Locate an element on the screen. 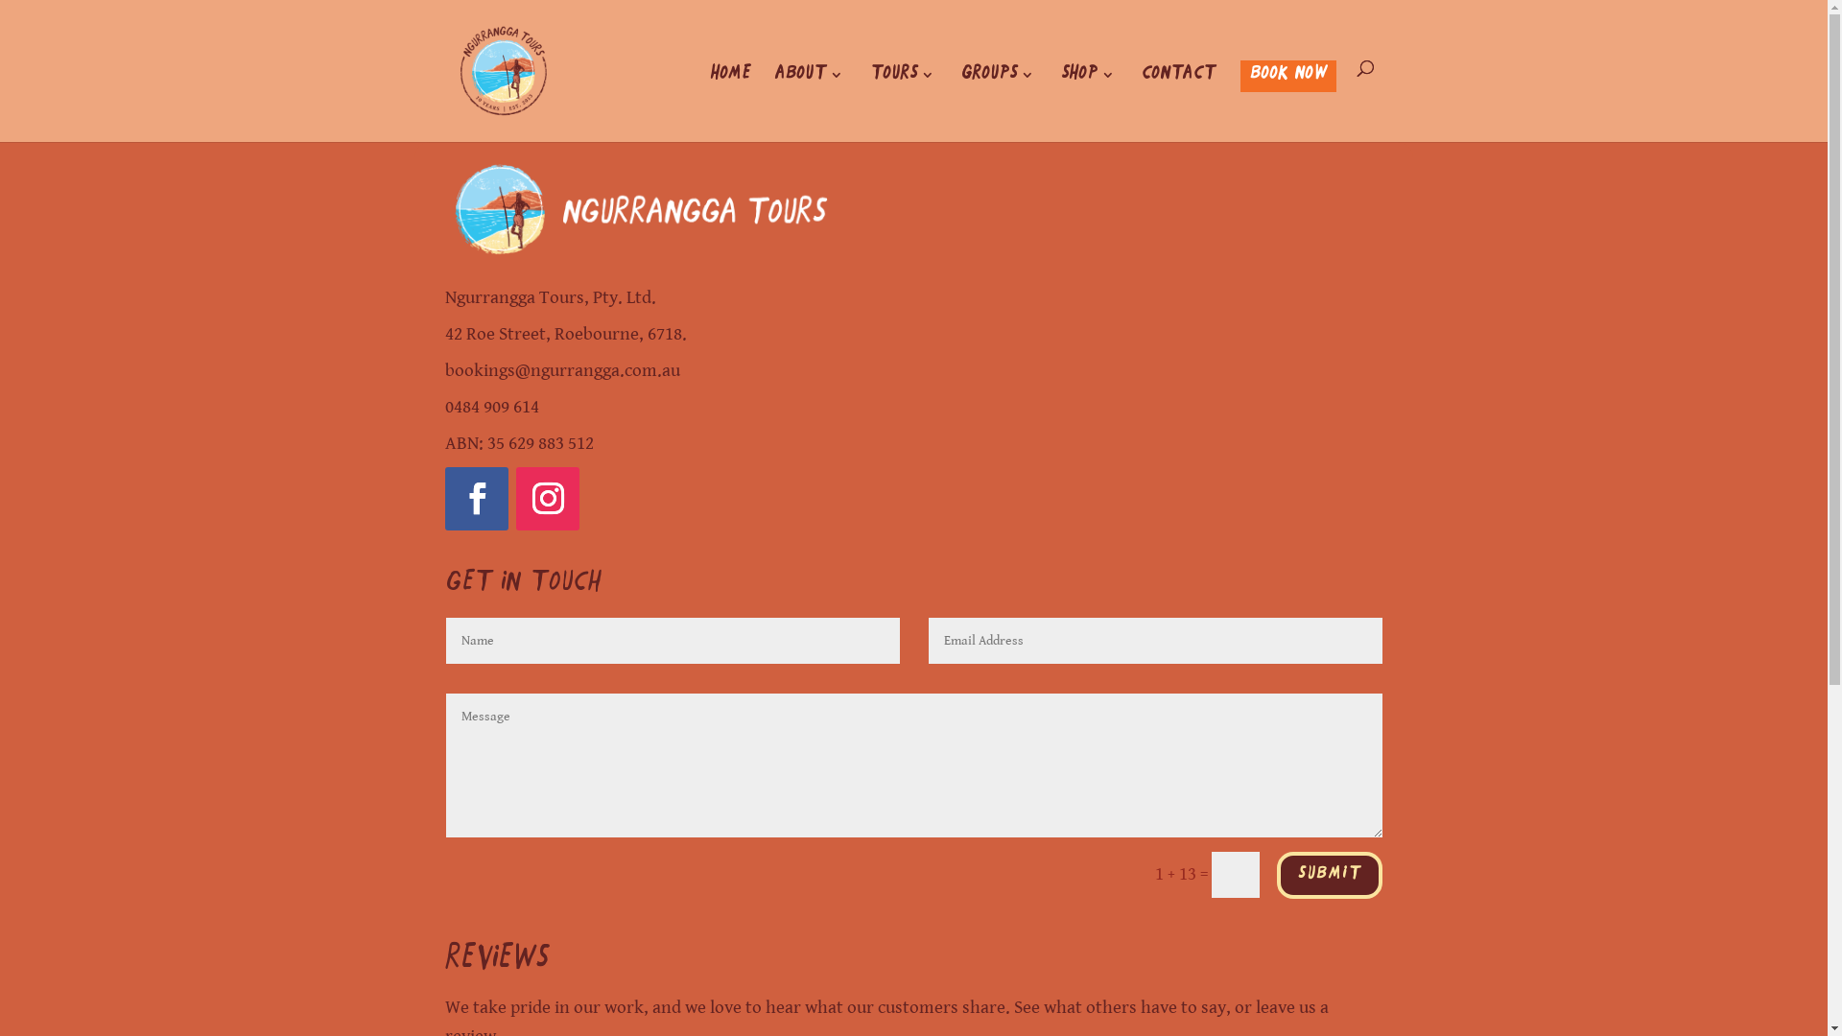 The height and width of the screenshot is (1036, 1842). 'CONTACT' is located at coordinates (1142, 105).